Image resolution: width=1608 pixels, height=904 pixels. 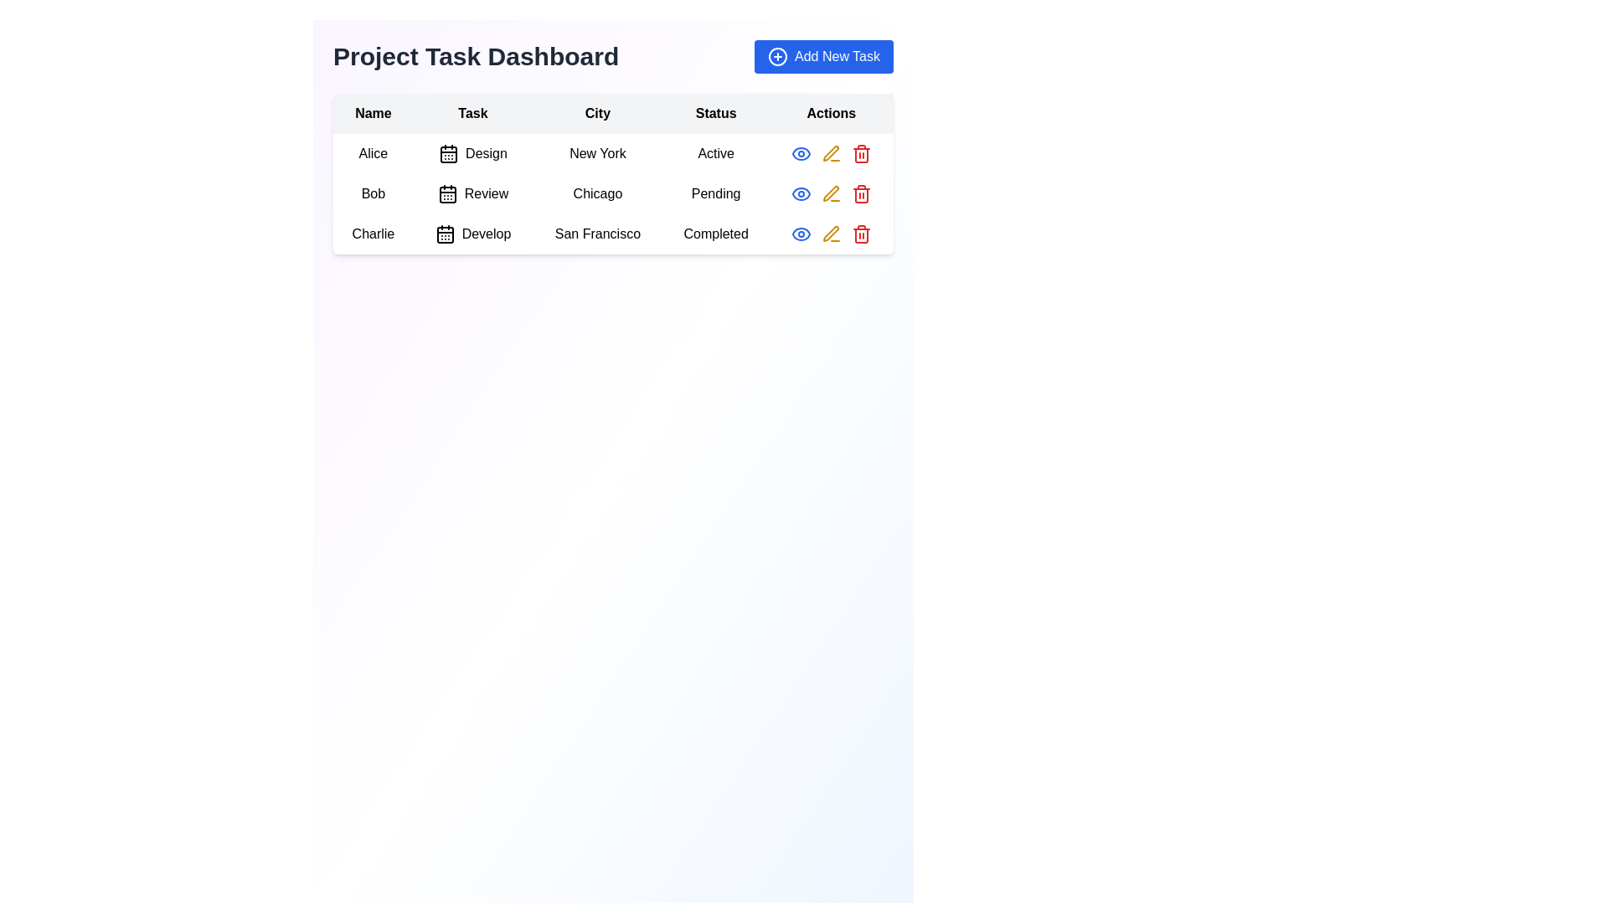 What do you see at coordinates (716, 154) in the screenshot?
I see `the text label displaying 'Active' in the Status column of the table for Alice` at bounding box center [716, 154].